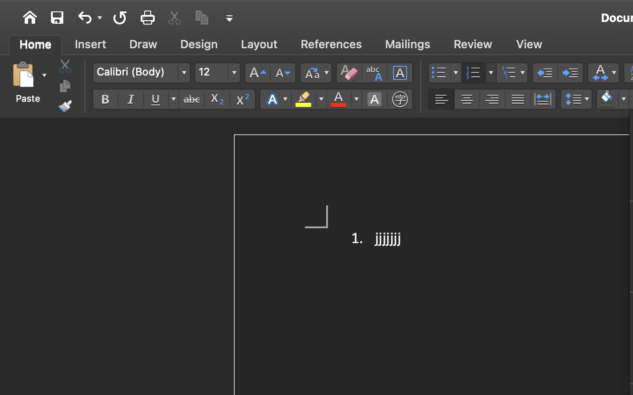 The width and height of the screenshot is (633, 395). What do you see at coordinates (217, 72) in the screenshot?
I see `'12'` at bounding box center [217, 72].